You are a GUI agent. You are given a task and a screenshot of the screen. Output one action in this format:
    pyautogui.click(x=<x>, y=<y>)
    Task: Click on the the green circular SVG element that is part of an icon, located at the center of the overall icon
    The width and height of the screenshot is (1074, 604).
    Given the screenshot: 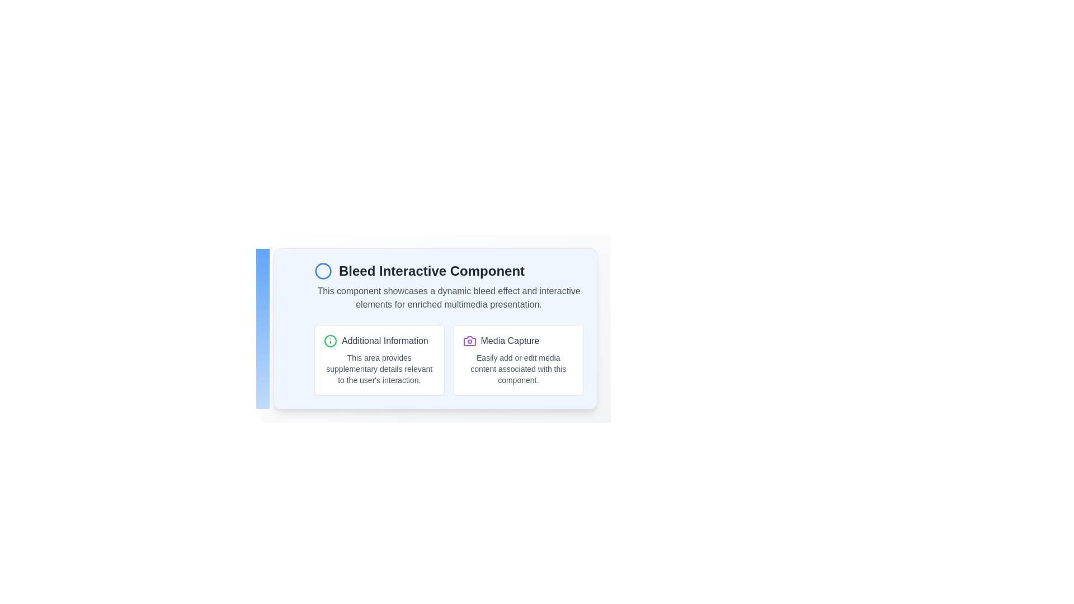 What is the action you would take?
    pyautogui.click(x=329, y=340)
    